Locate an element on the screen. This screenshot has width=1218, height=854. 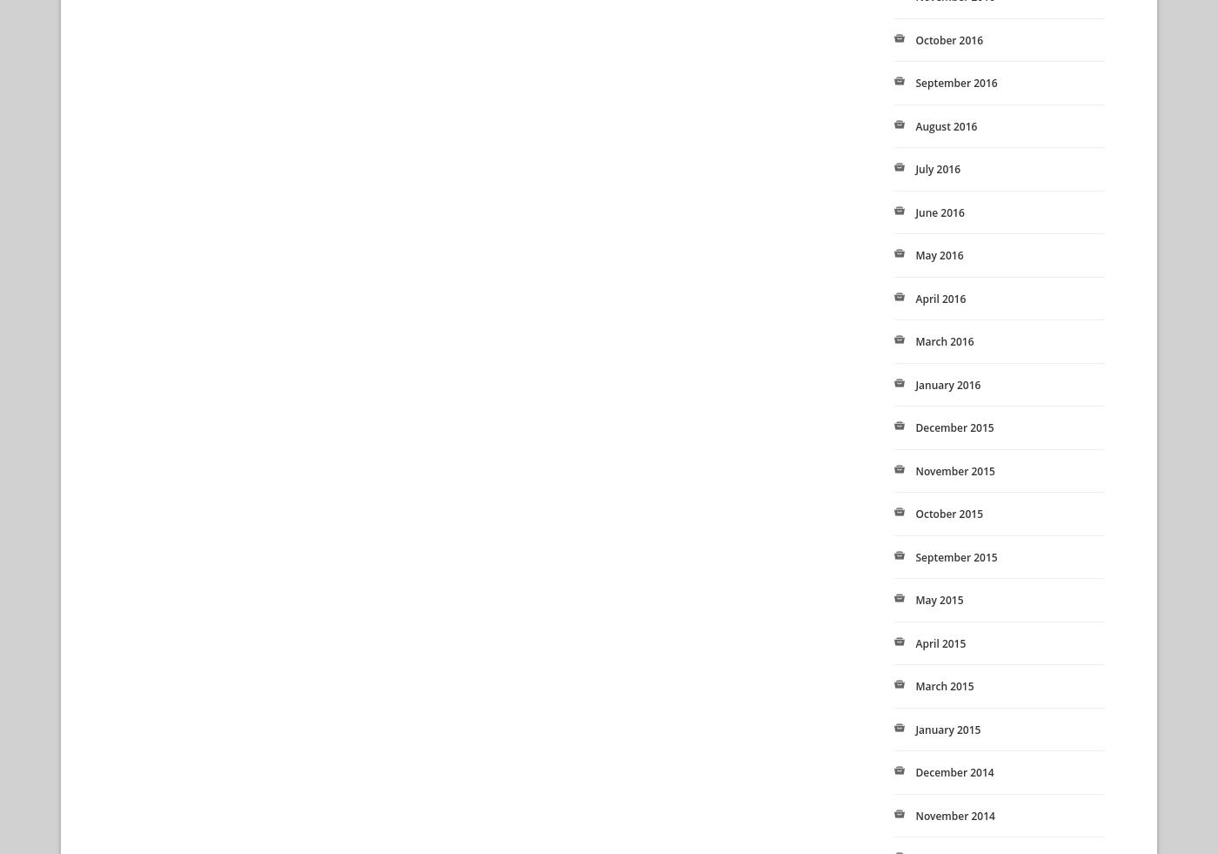
'September 2016' is located at coordinates (956, 82).